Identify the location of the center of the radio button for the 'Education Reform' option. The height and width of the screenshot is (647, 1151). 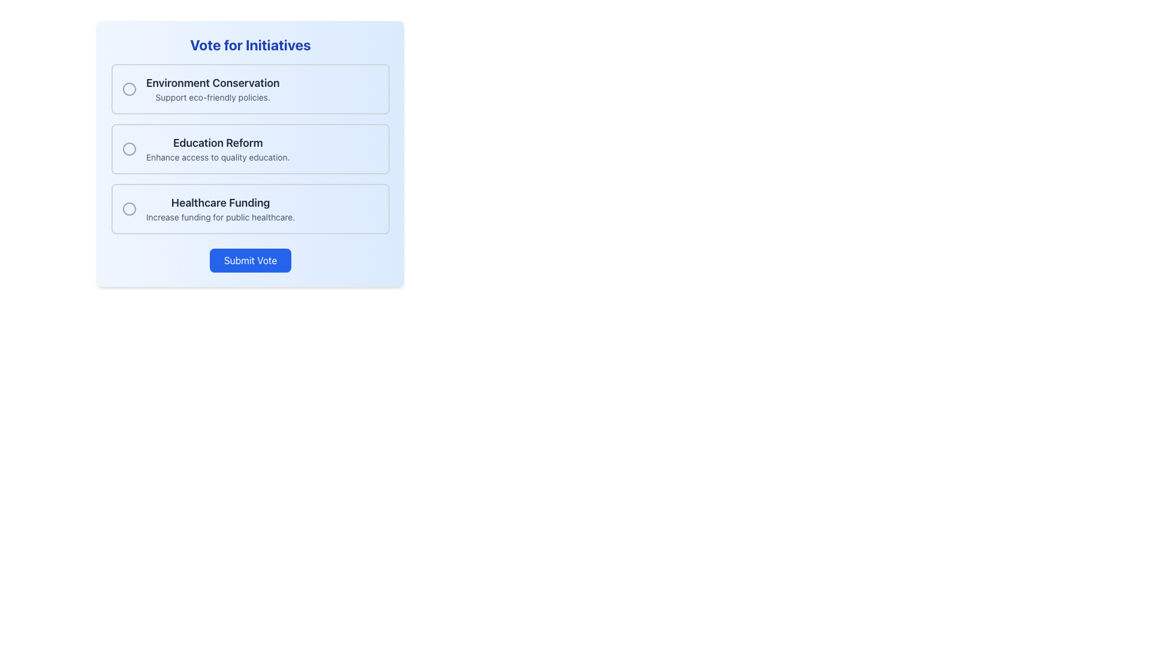
(129, 149).